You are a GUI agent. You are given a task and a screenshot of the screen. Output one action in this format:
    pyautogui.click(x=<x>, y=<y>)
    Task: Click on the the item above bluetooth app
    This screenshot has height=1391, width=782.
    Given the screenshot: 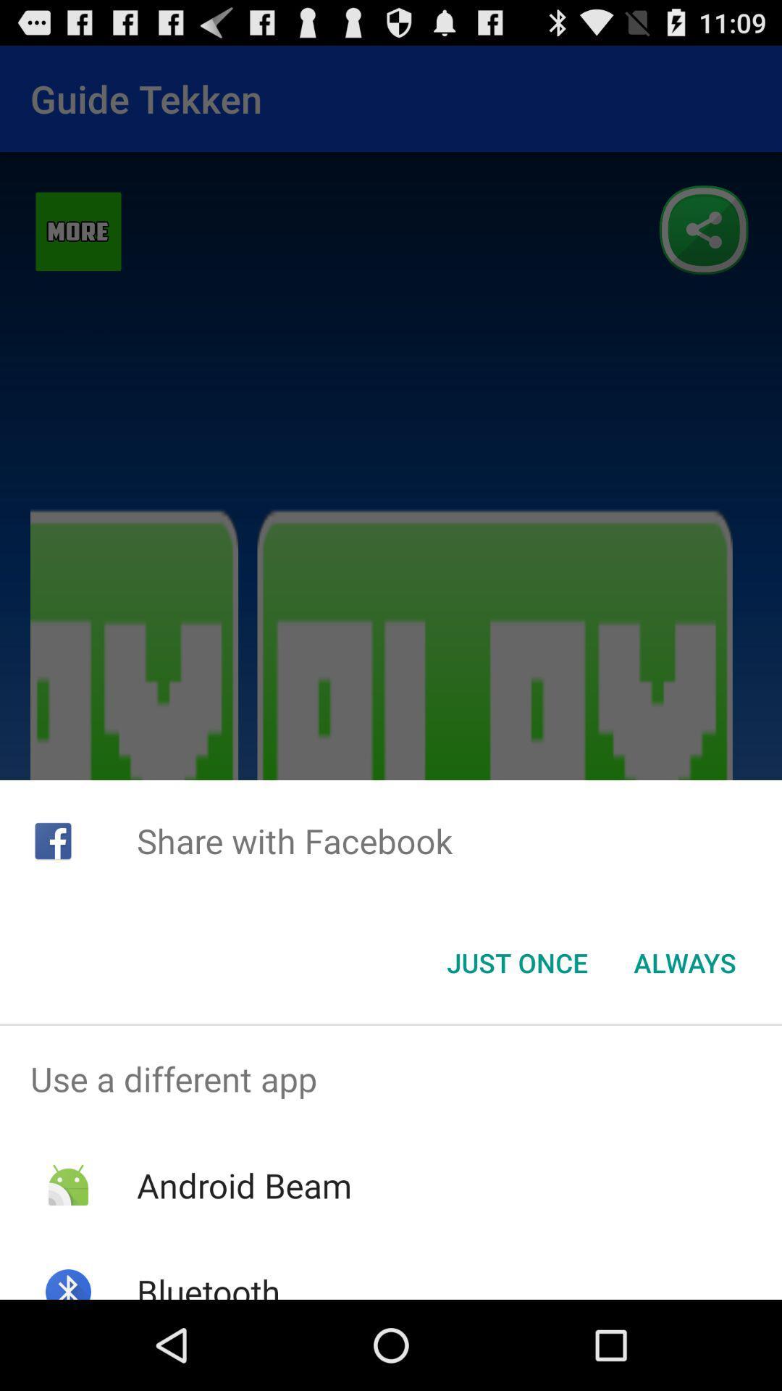 What is the action you would take?
    pyautogui.click(x=243, y=1185)
    